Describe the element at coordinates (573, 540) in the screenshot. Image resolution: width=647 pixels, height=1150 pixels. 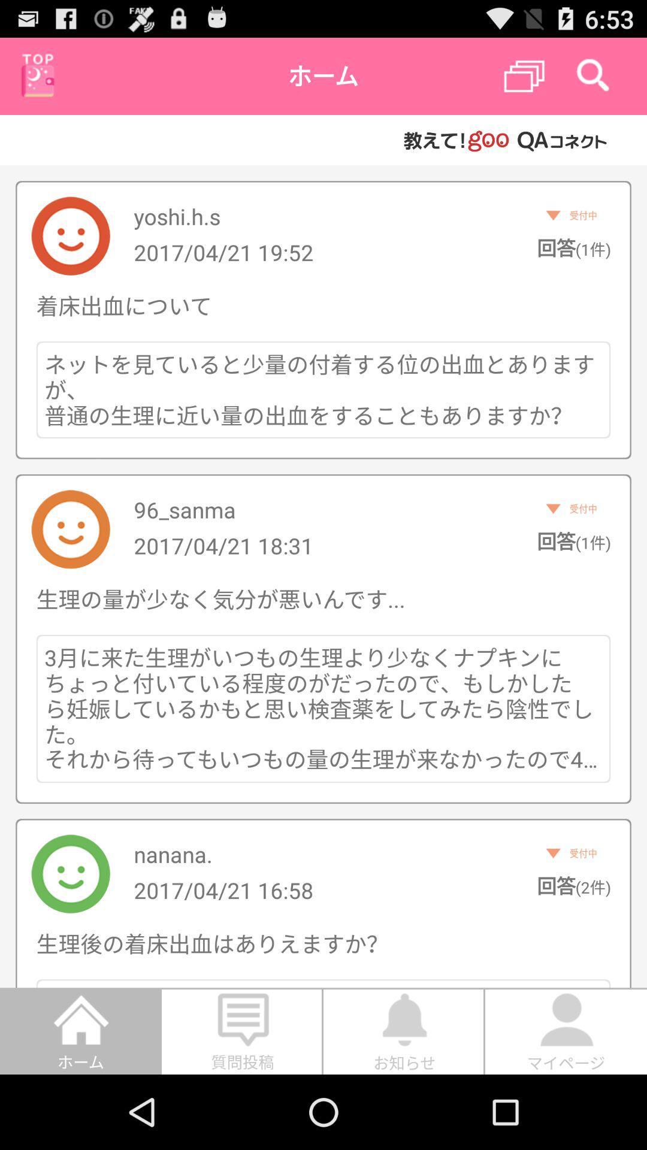
I see `the icon to the right of the 2017 04 21` at that location.